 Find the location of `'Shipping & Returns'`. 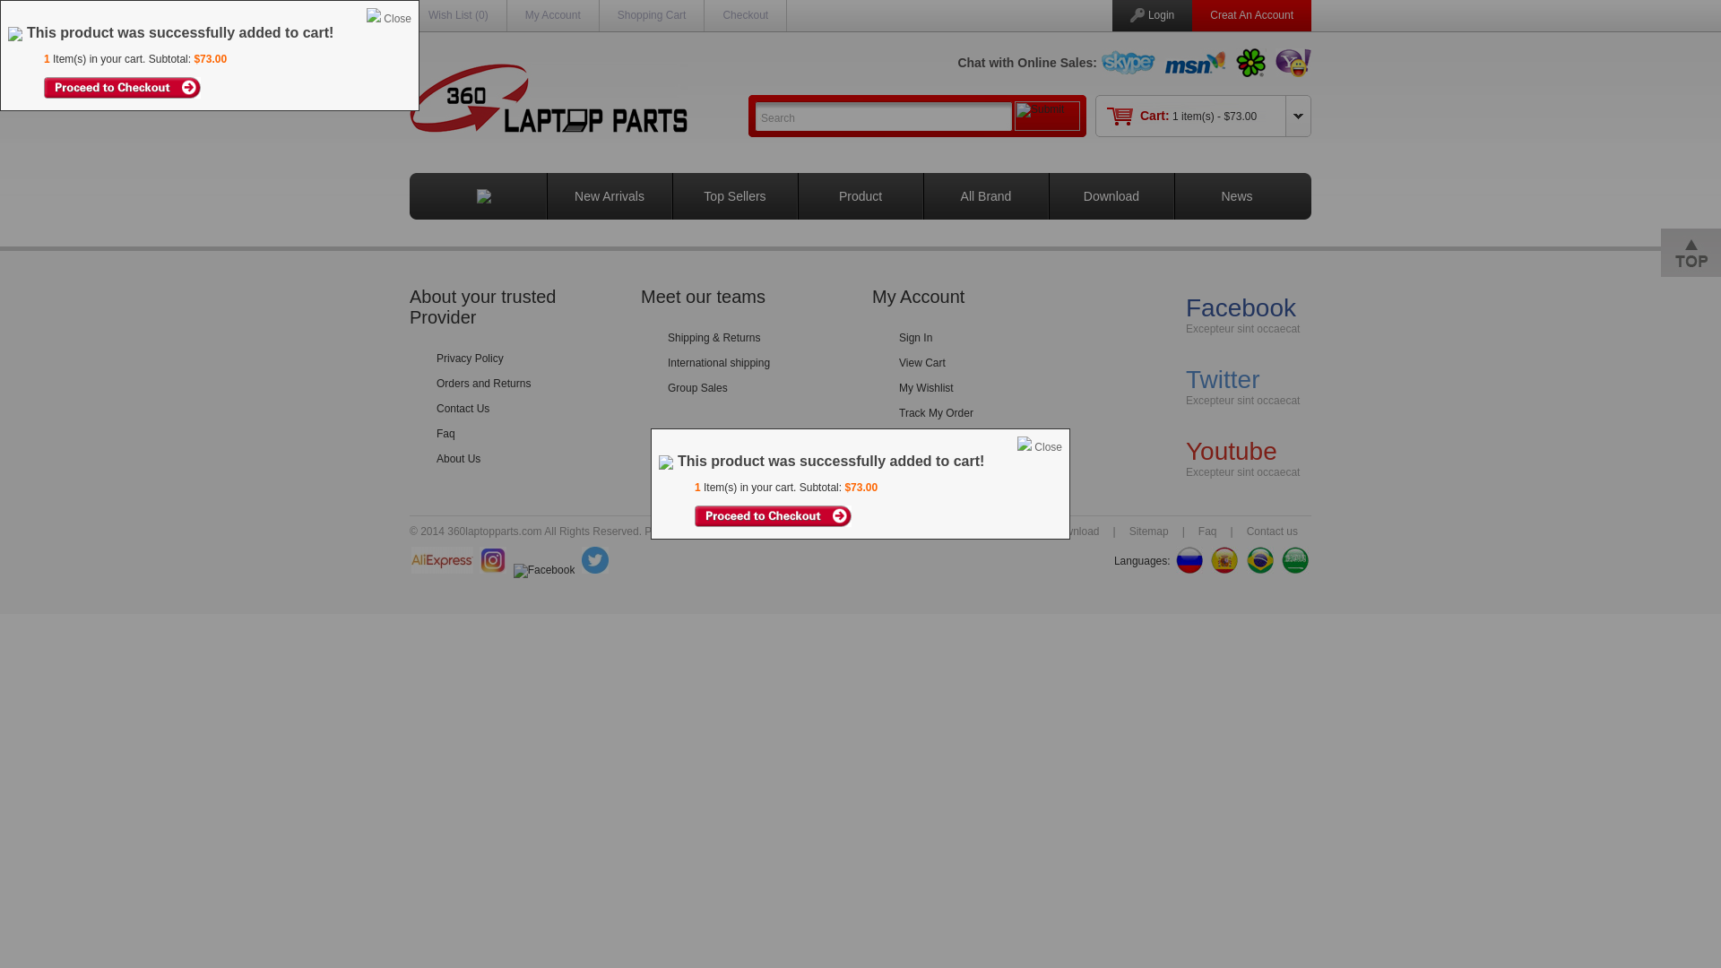

'Shipping & Returns' is located at coordinates (713, 338).